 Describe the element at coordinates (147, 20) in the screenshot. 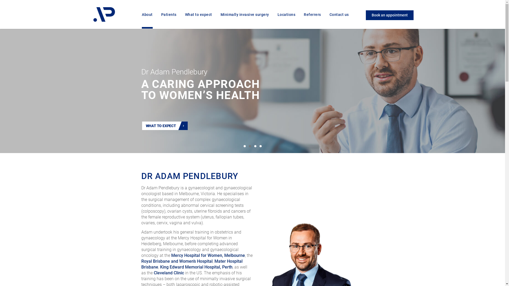

I see `'About'` at that location.